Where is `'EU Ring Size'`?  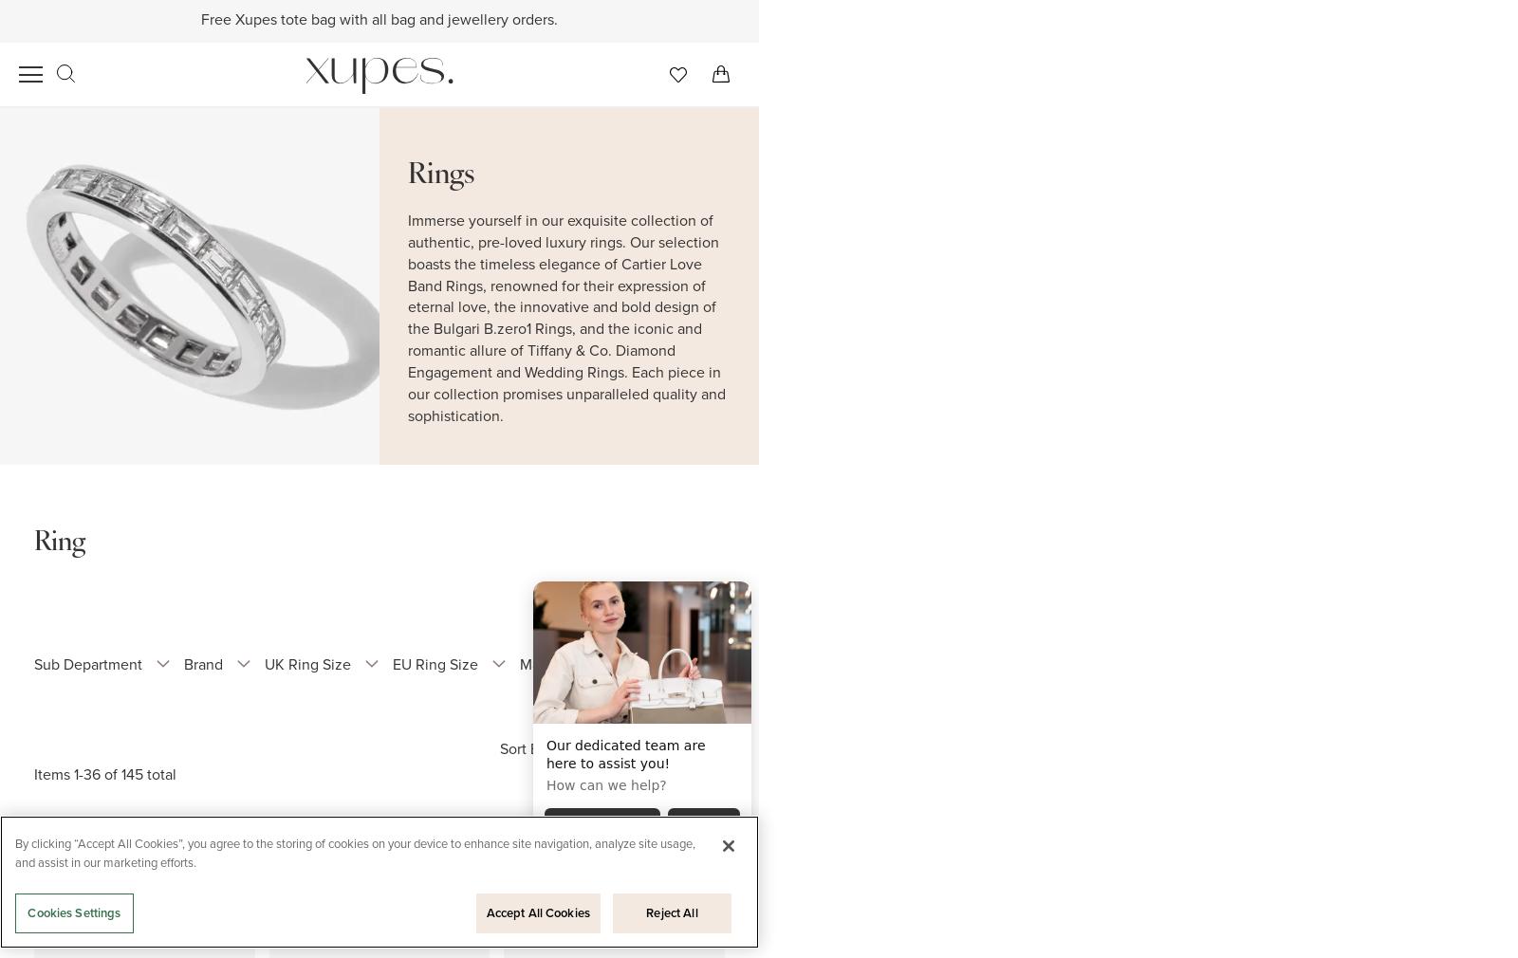
'EU Ring Size' is located at coordinates (391, 663).